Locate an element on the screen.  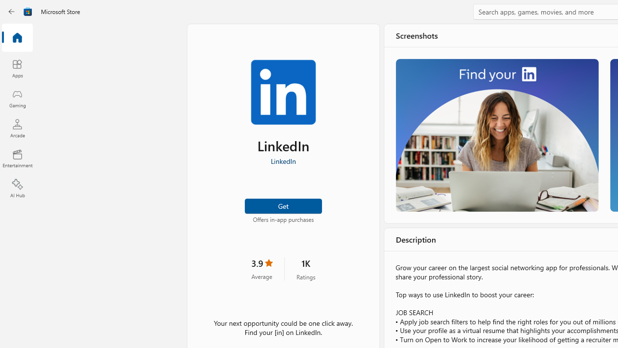
'LinkedIn' is located at coordinates (282, 160).